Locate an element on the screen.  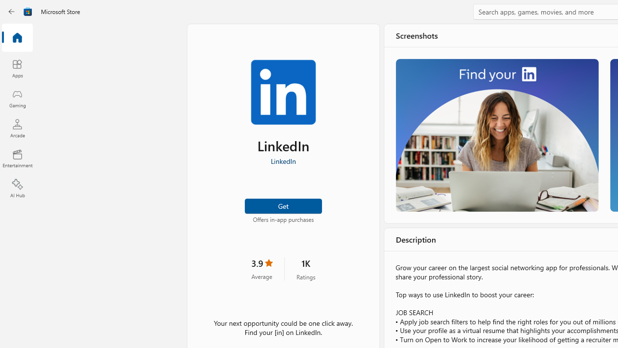
'LinkedIn' is located at coordinates (282, 160).